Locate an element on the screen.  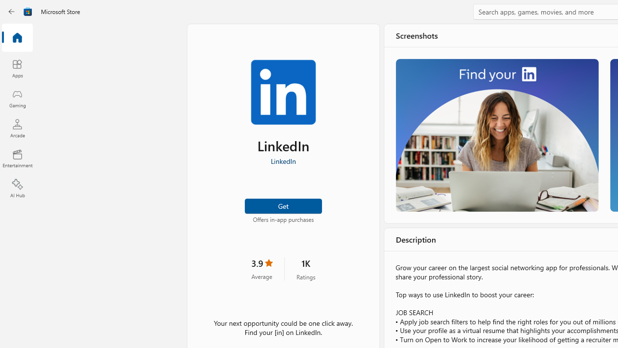
'LinkedIn' is located at coordinates (282, 160).